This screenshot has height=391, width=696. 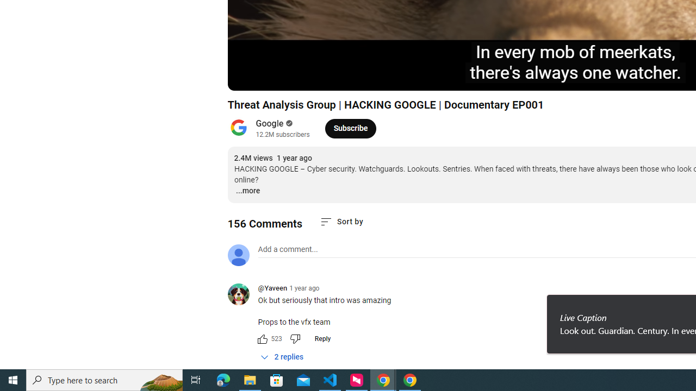 I want to click on 'AutomationID: simplebox-placeholder', so click(x=288, y=249).